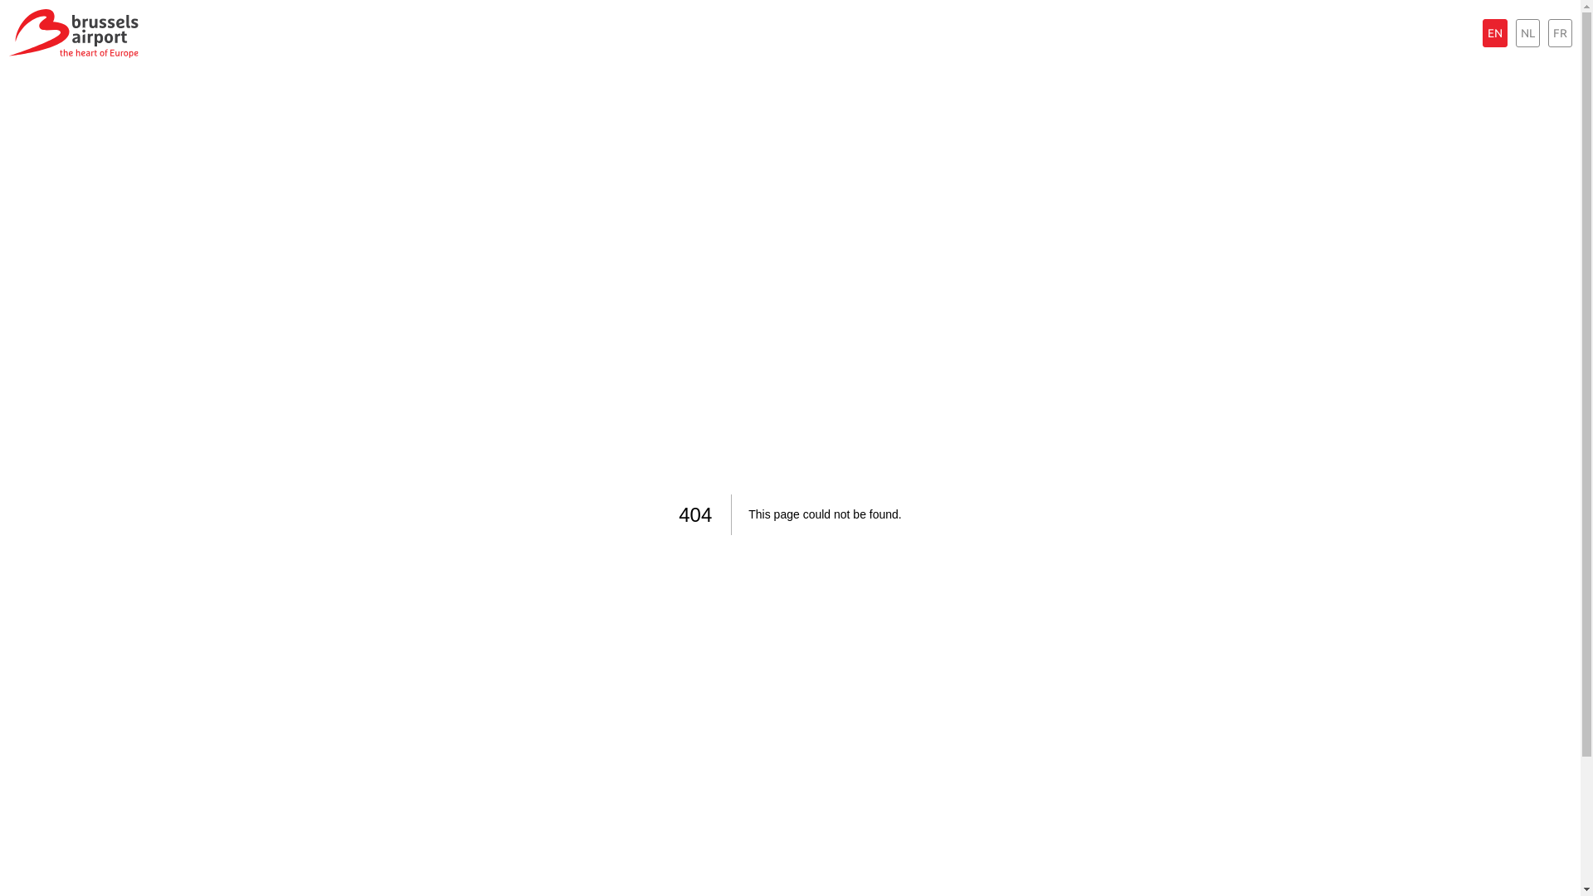 The image size is (1593, 896). What do you see at coordinates (1516, 32) in the screenshot?
I see `'NL'` at bounding box center [1516, 32].